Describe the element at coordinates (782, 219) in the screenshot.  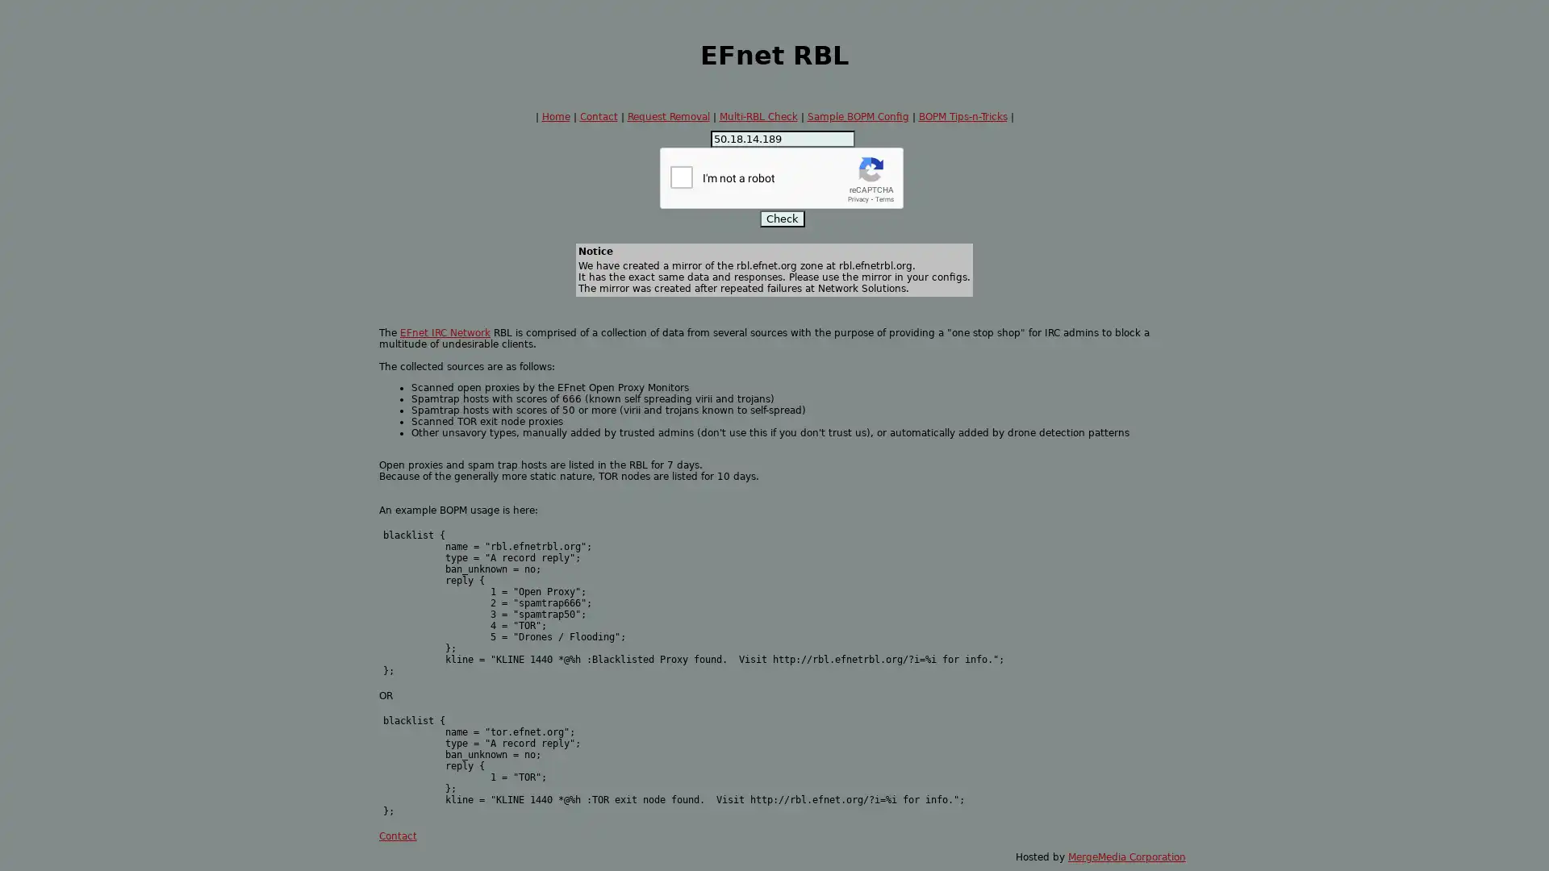
I see `Check` at that location.